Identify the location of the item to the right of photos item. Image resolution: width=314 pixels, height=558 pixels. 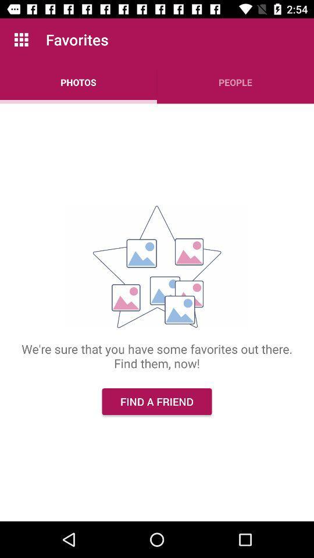
(235, 81).